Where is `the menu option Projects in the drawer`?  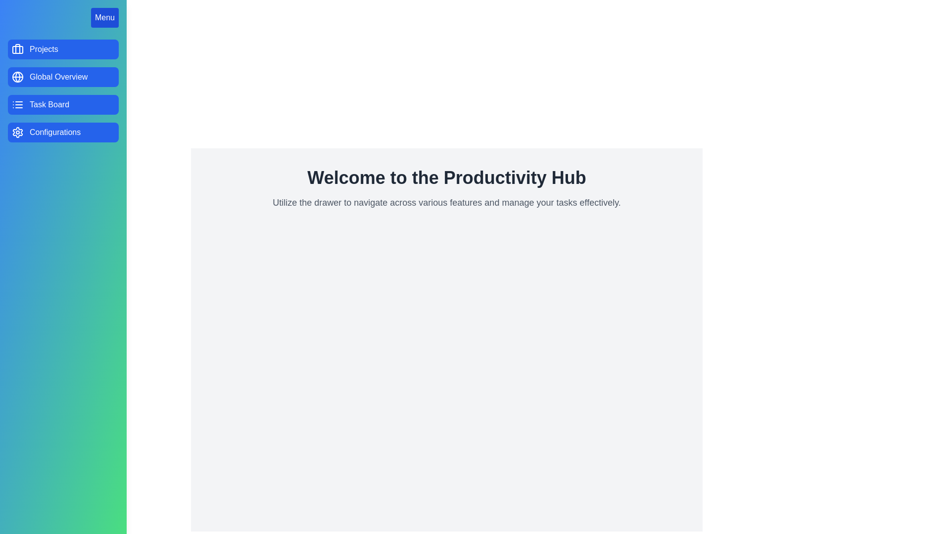
the menu option Projects in the drawer is located at coordinates (63, 49).